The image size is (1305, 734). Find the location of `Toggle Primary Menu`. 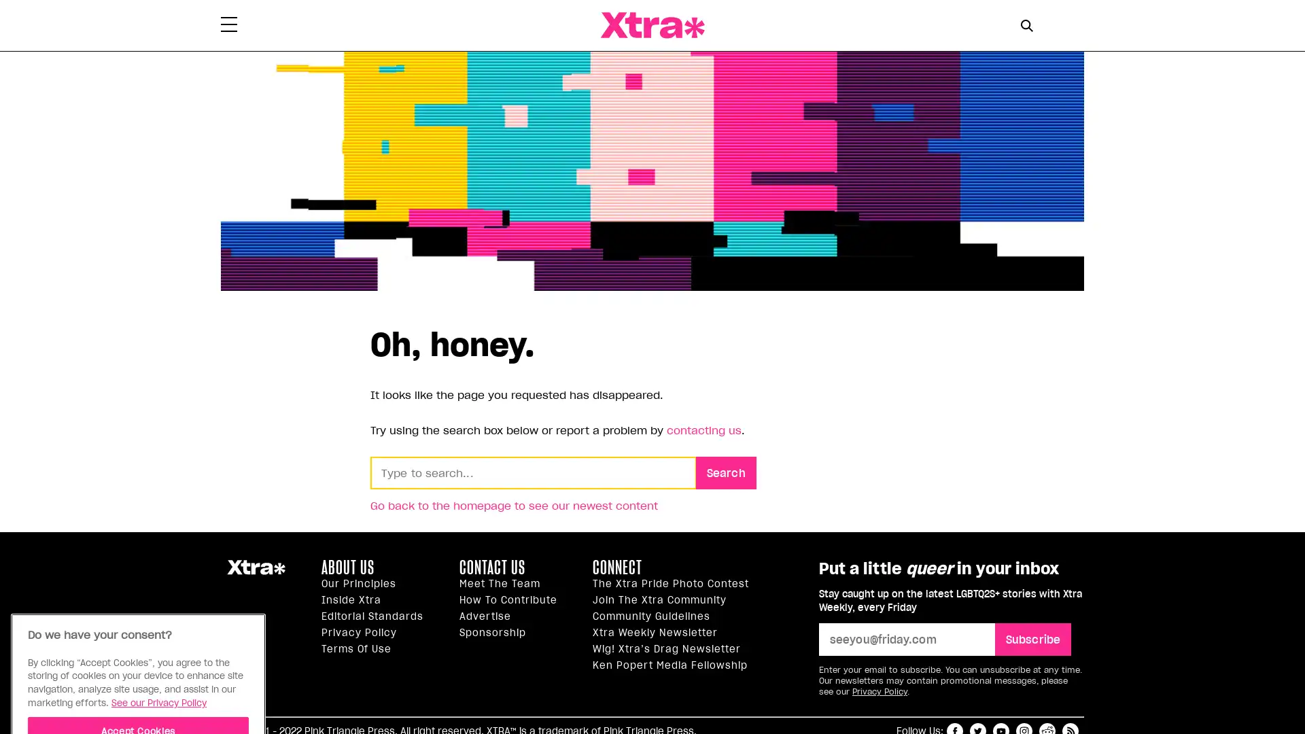

Toggle Primary Menu is located at coordinates (228, 26).